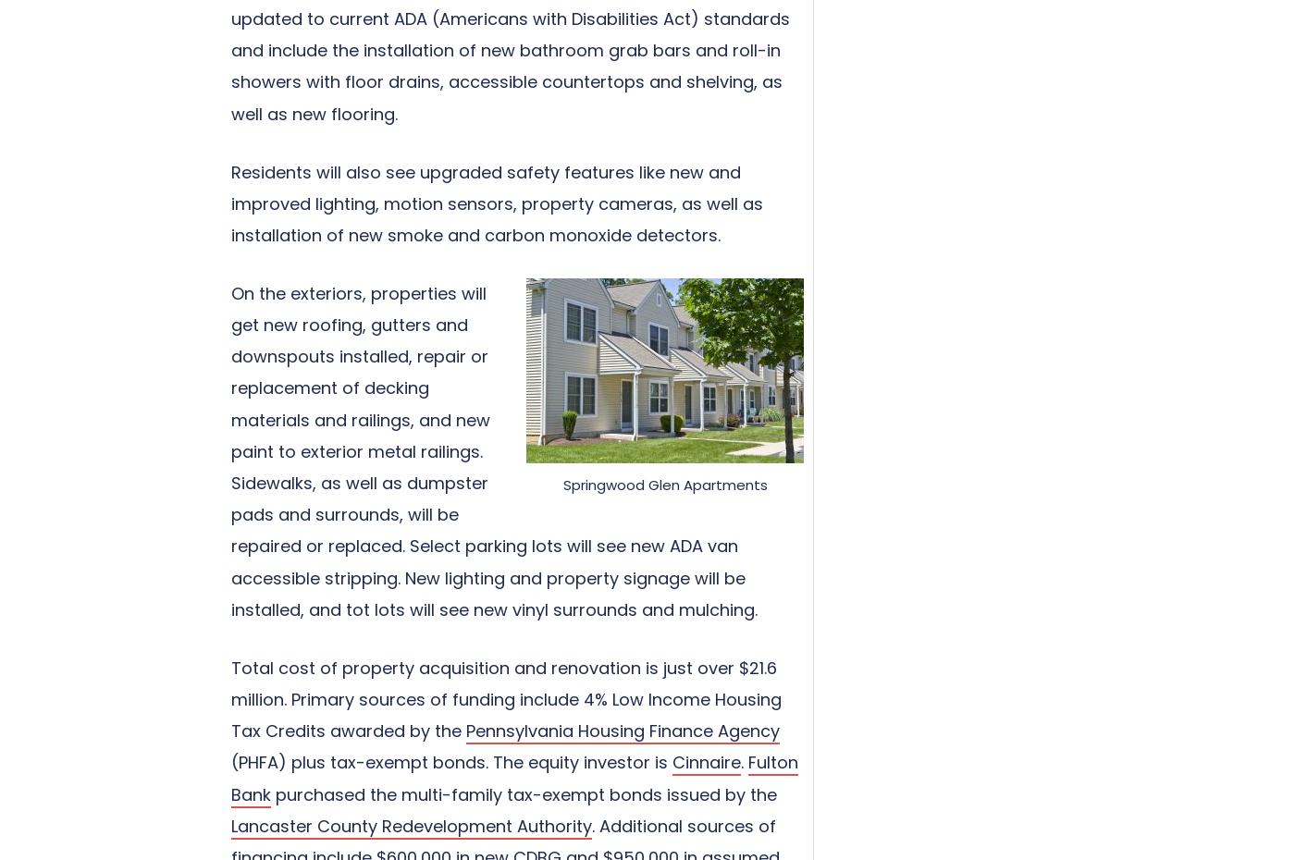 This screenshot has height=860, width=1295. What do you see at coordinates (494, 449) in the screenshot?
I see `'On the exteriors, properties will get new roofing, gutters and downspouts installed, repair or replacement of decking materials and railings, and new paint to exterior metal railings. Sidewalks, as well as dumpster pads and surrounds, will be repaired or replaced. Select parking lots will see new ADA van accessible stripping. New lighting and property signage will be installed, and tot lots will see new vinyl surrounds and mulching.'` at bounding box center [494, 449].